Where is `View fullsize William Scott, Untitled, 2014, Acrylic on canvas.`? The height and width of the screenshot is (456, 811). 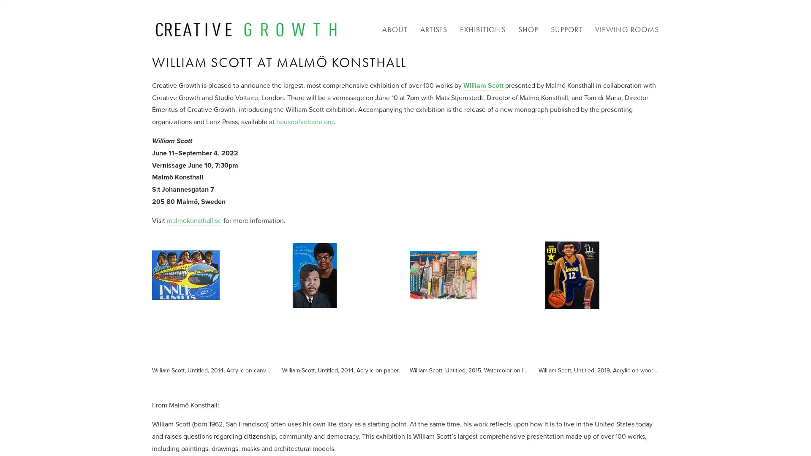
View fullsize William Scott, Untitled, 2014, Acrylic on canvas. is located at coordinates (212, 301).